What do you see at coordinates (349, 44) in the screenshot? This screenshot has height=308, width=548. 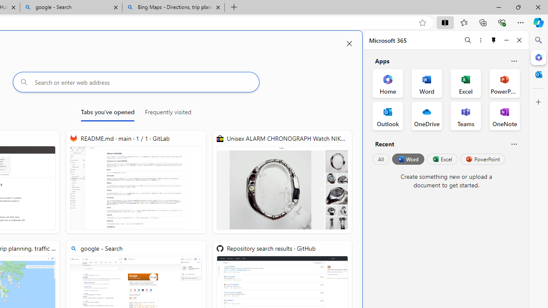 I see `'Close split screen'` at bounding box center [349, 44].